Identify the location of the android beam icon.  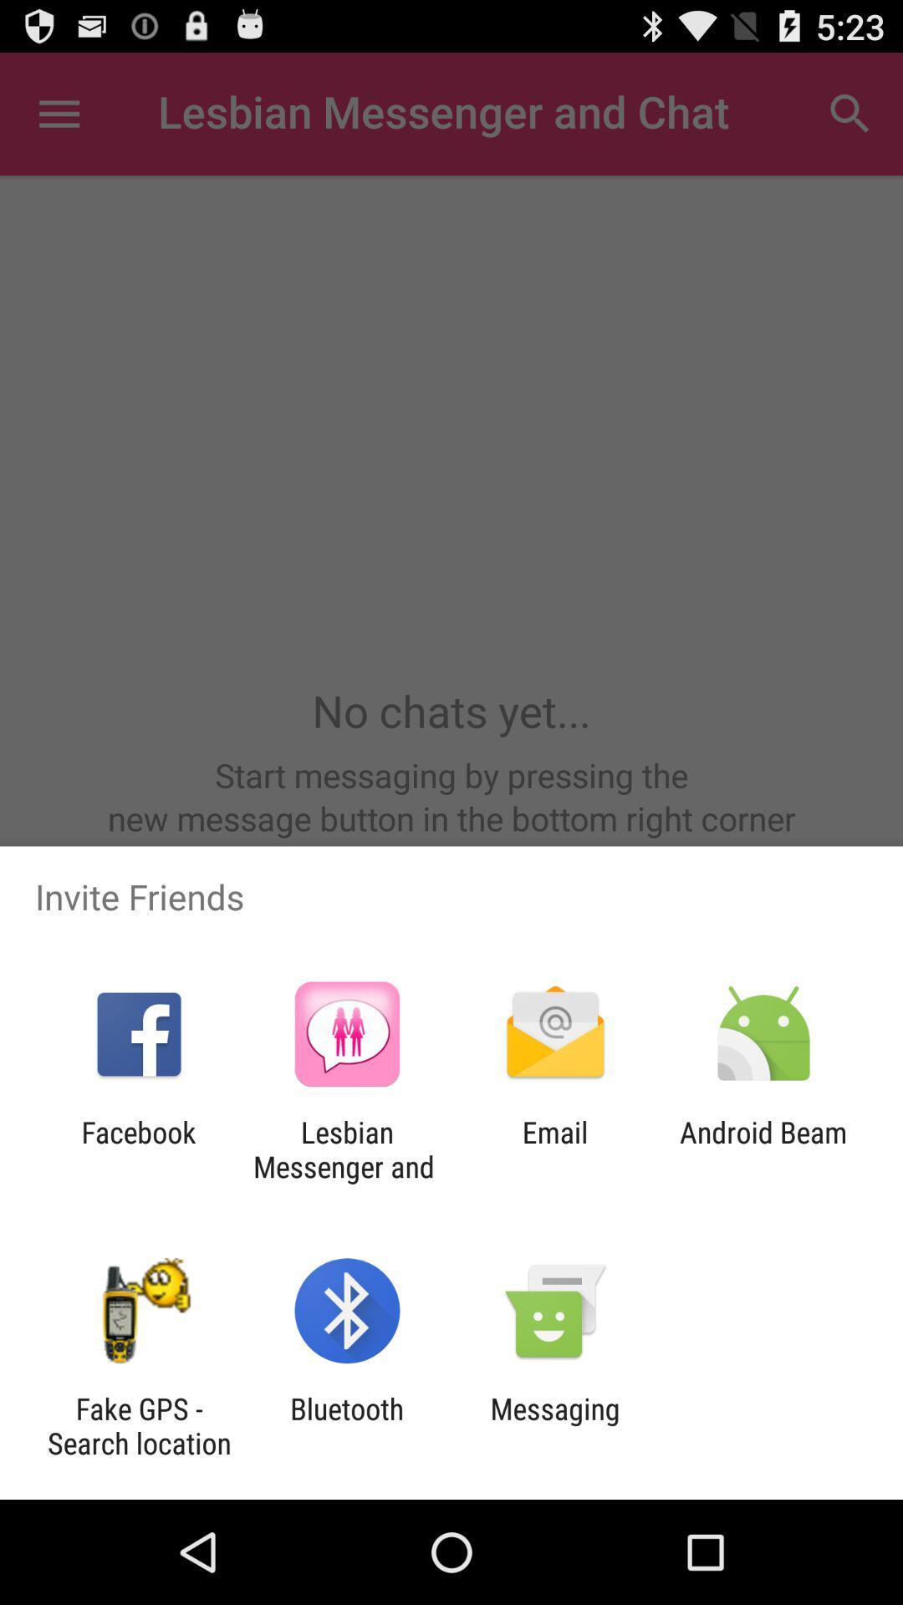
(763, 1149).